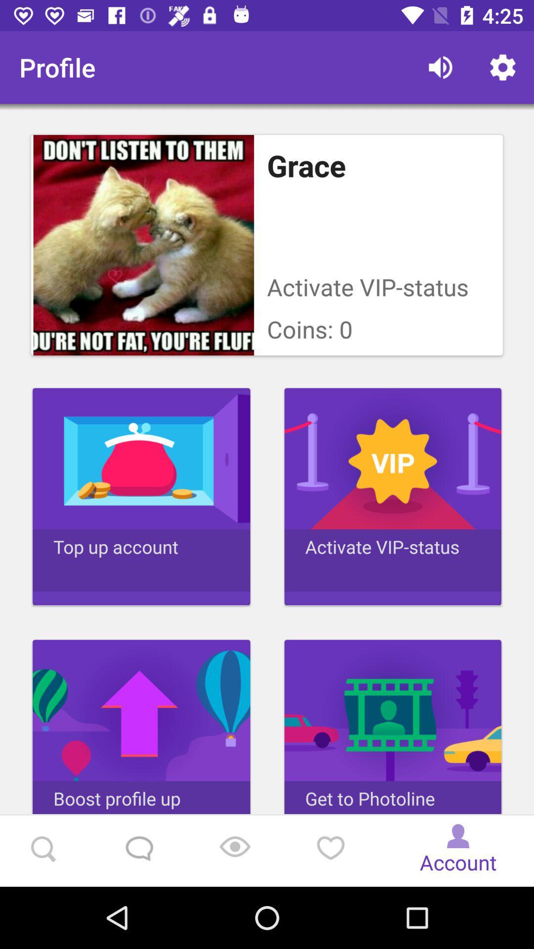 Image resolution: width=534 pixels, height=949 pixels. What do you see at coordinates (235, 851) in the screenshot?
I see `the location_crosshair icon` at bounding box center [235, 851].